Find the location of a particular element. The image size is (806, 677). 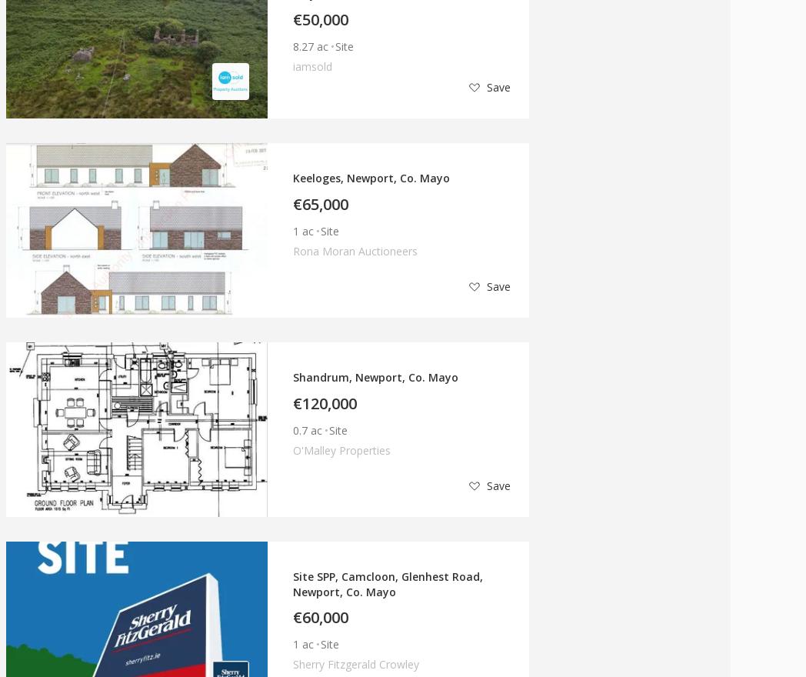

'€50,000' is located at coordinates (320, 18).